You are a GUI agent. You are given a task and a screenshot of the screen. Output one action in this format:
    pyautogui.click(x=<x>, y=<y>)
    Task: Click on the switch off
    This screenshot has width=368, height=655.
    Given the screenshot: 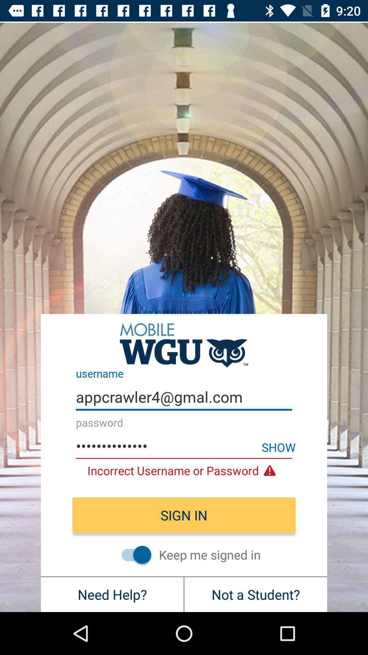 What is the action you would take?
    pyautogui.click(x=133, y=555)
    